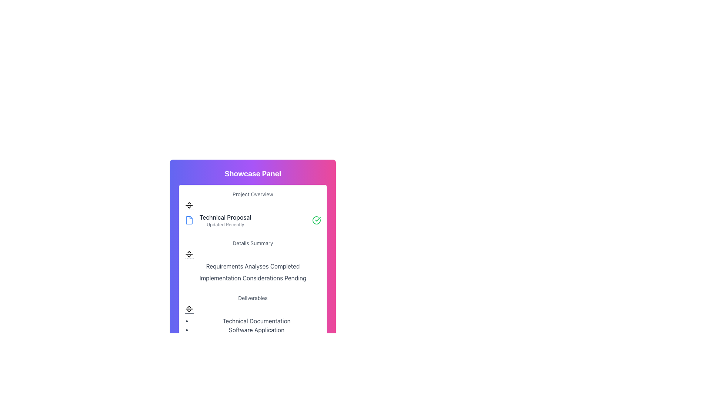  I want to click on the state of the confirmation icon located to the right of the 'Technical Proposal' text, indicating the completion of this state, so click(316, 220).